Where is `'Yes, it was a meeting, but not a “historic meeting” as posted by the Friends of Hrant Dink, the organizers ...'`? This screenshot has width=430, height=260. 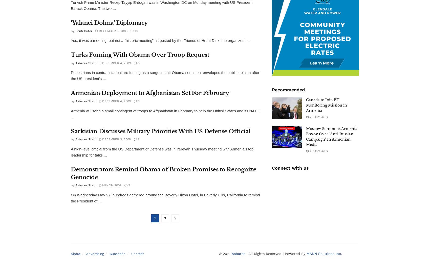
'Yes, it was a meeting, but not a “historic meeting” as posted by the Friends of Hrant Dink, the organizers ...' is located at coordinates (160, 40).